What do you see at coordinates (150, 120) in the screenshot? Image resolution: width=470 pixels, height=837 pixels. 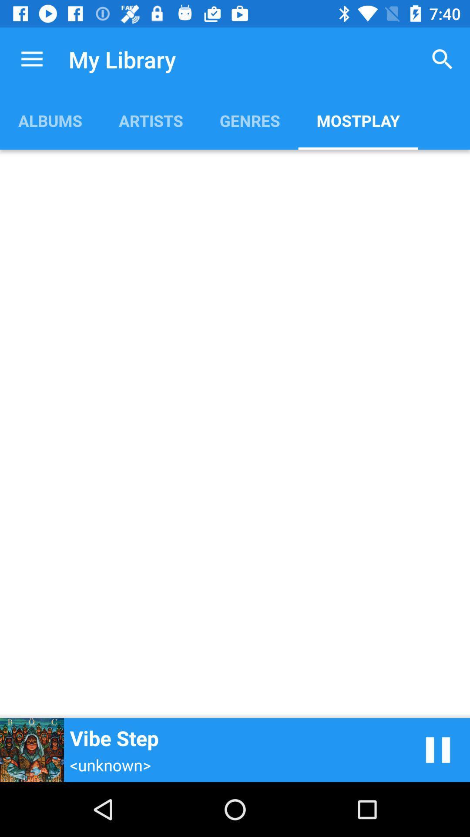 I see `artists item` at bounding box center [150, 120].